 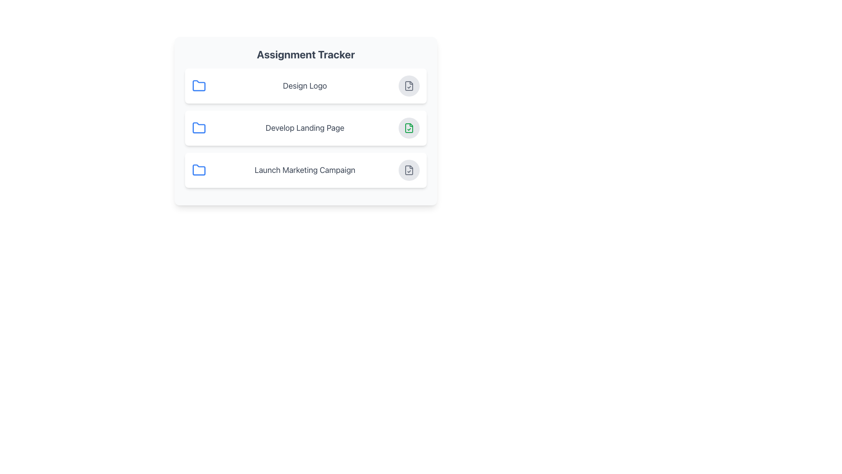 What do you see at coordinates (408, 86) in the screenshot?
I see `the status indication icon, which is a document with a checkmark, located at the top-right corner of the 'Design Logo' row in the 'Assignment Tracker' list, embedded inside a circular button` at bounding box center [408, 86].